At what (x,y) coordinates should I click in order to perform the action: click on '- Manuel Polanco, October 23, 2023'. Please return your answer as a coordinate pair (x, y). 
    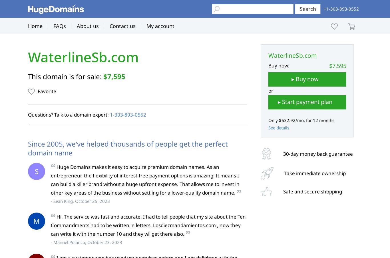
    Looking at the image, I should click on (86, 242).